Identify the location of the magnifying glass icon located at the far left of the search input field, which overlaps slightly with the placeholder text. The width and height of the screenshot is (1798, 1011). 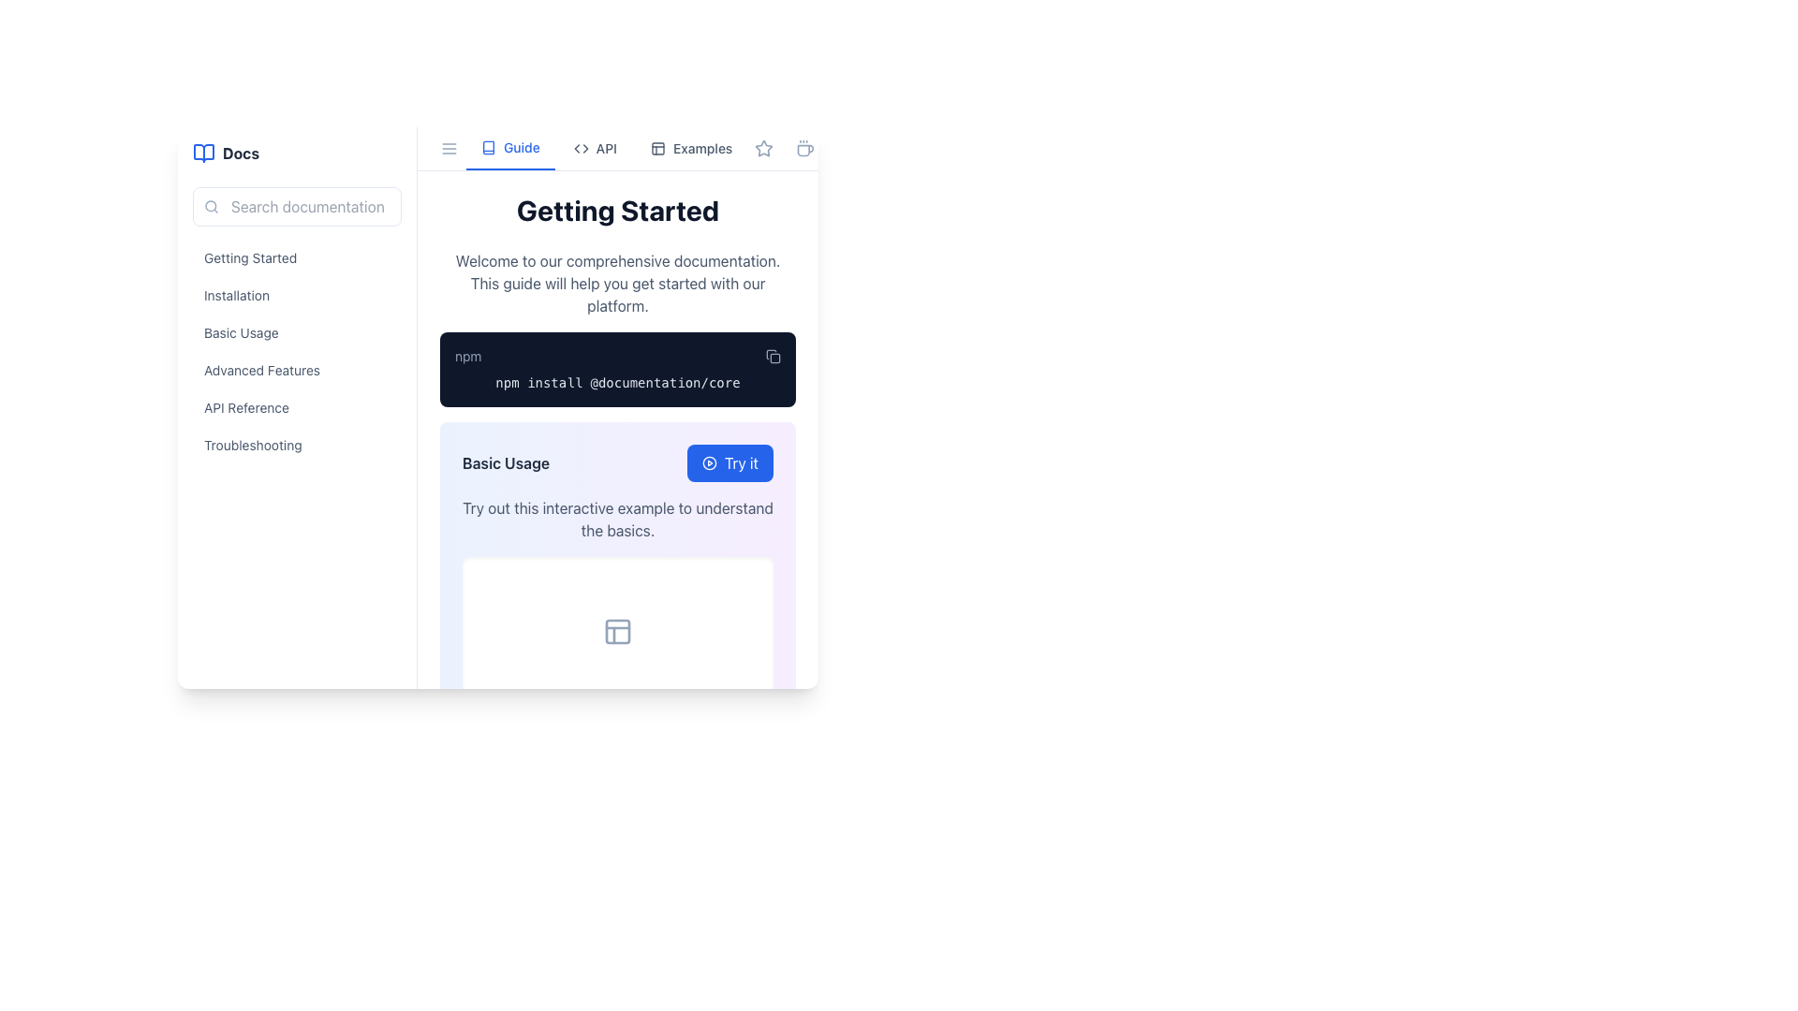
(211, 206).